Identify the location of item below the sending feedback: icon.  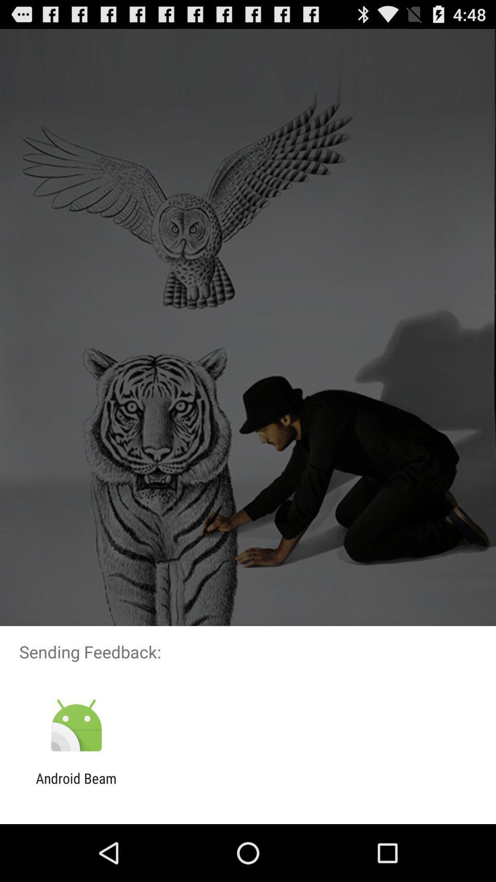
(76, 725).